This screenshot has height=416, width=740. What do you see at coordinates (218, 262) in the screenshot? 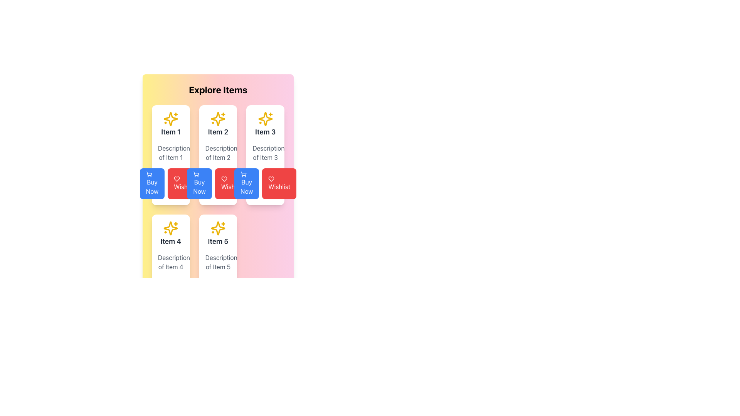
I see `the gray-colored text block containing the phrase 'Description of Item 5' located in the card labeled 'Item 5', positioned below the item title` at bounding box center [218, 262].